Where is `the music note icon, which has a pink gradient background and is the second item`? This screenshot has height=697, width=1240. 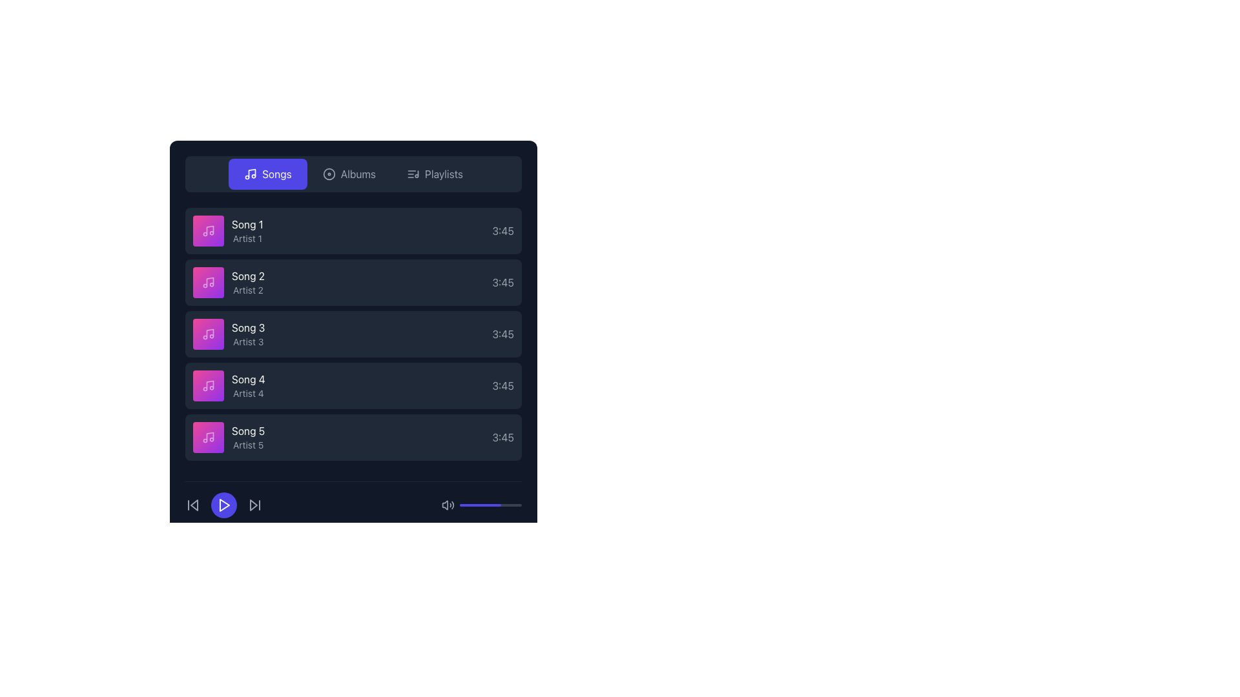
the music note icon, which has a pink gradient background and is the second item is located at coordinates (208, 282).